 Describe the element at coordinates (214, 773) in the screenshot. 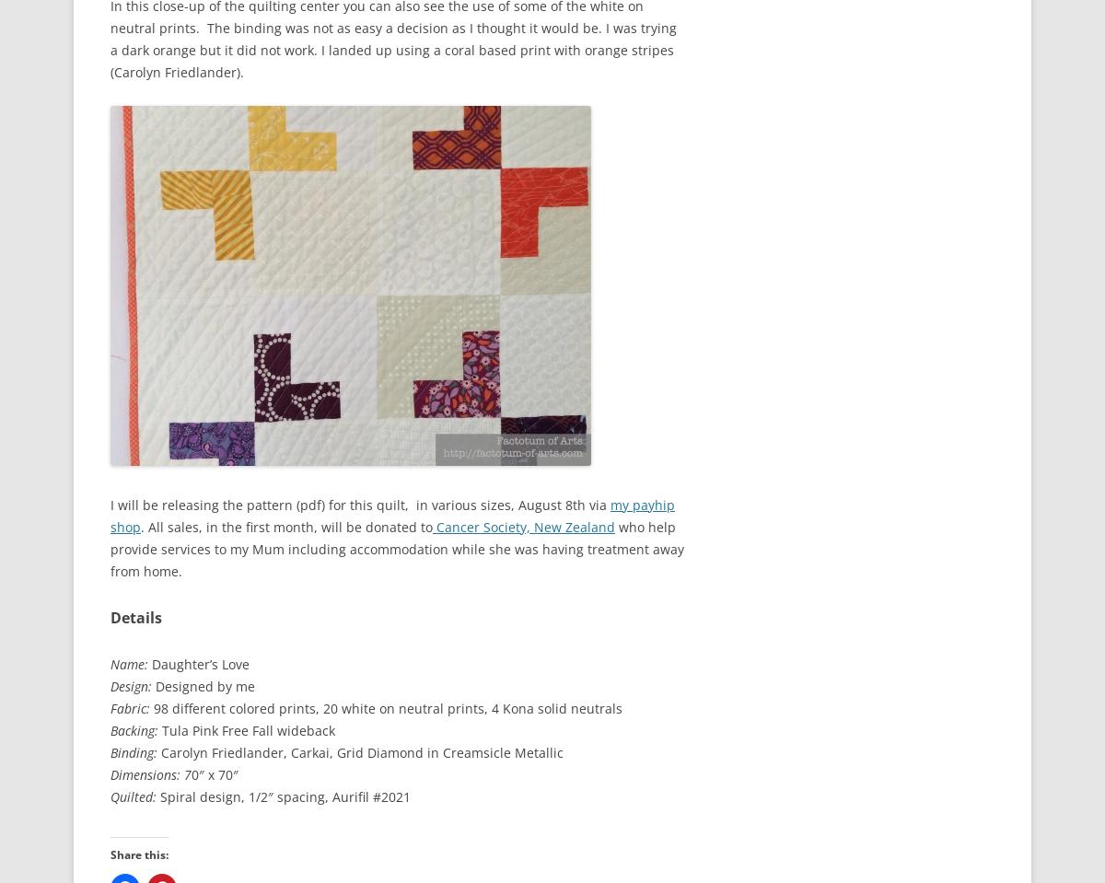

I see `'0″ x 70″'` at that location.